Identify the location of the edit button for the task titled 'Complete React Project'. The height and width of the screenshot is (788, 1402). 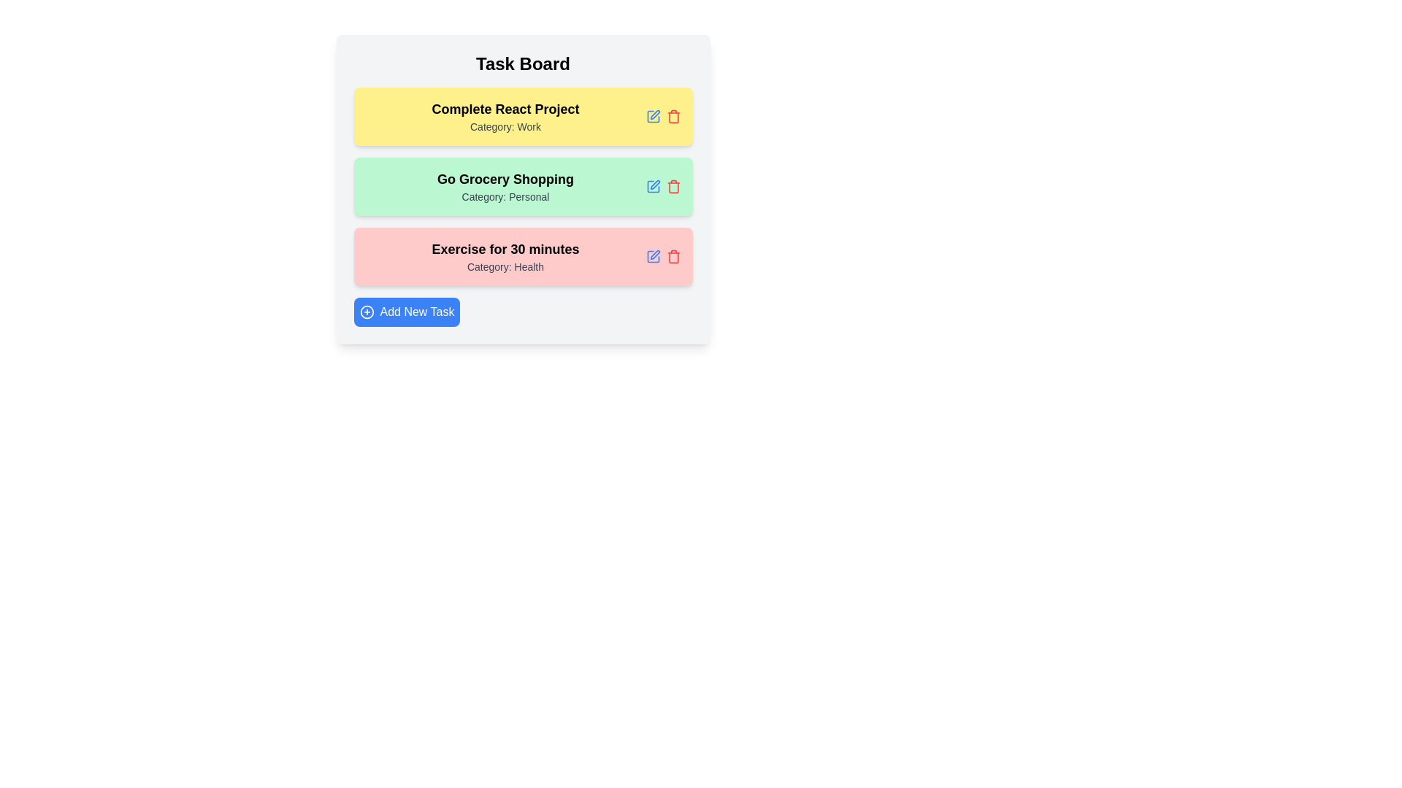
(652, 115).